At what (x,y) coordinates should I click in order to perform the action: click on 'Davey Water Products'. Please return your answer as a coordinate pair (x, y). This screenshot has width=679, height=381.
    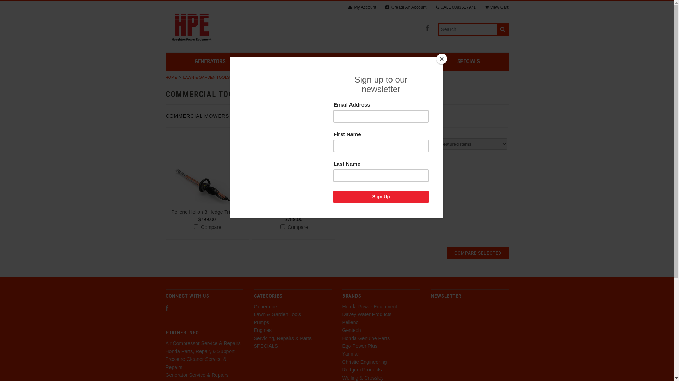
    Looking at the image, I should click on (367, 314).